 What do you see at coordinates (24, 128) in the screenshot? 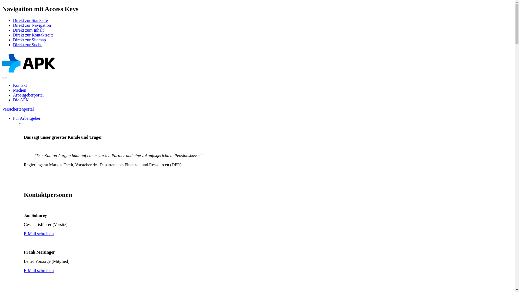
I see `' '` at bounding box center [24, 128].